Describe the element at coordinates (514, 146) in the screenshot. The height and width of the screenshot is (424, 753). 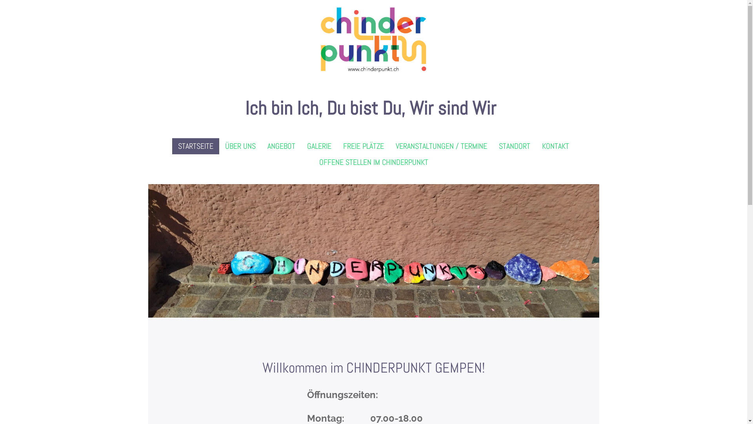
I see `'STANDORT'` at that location.